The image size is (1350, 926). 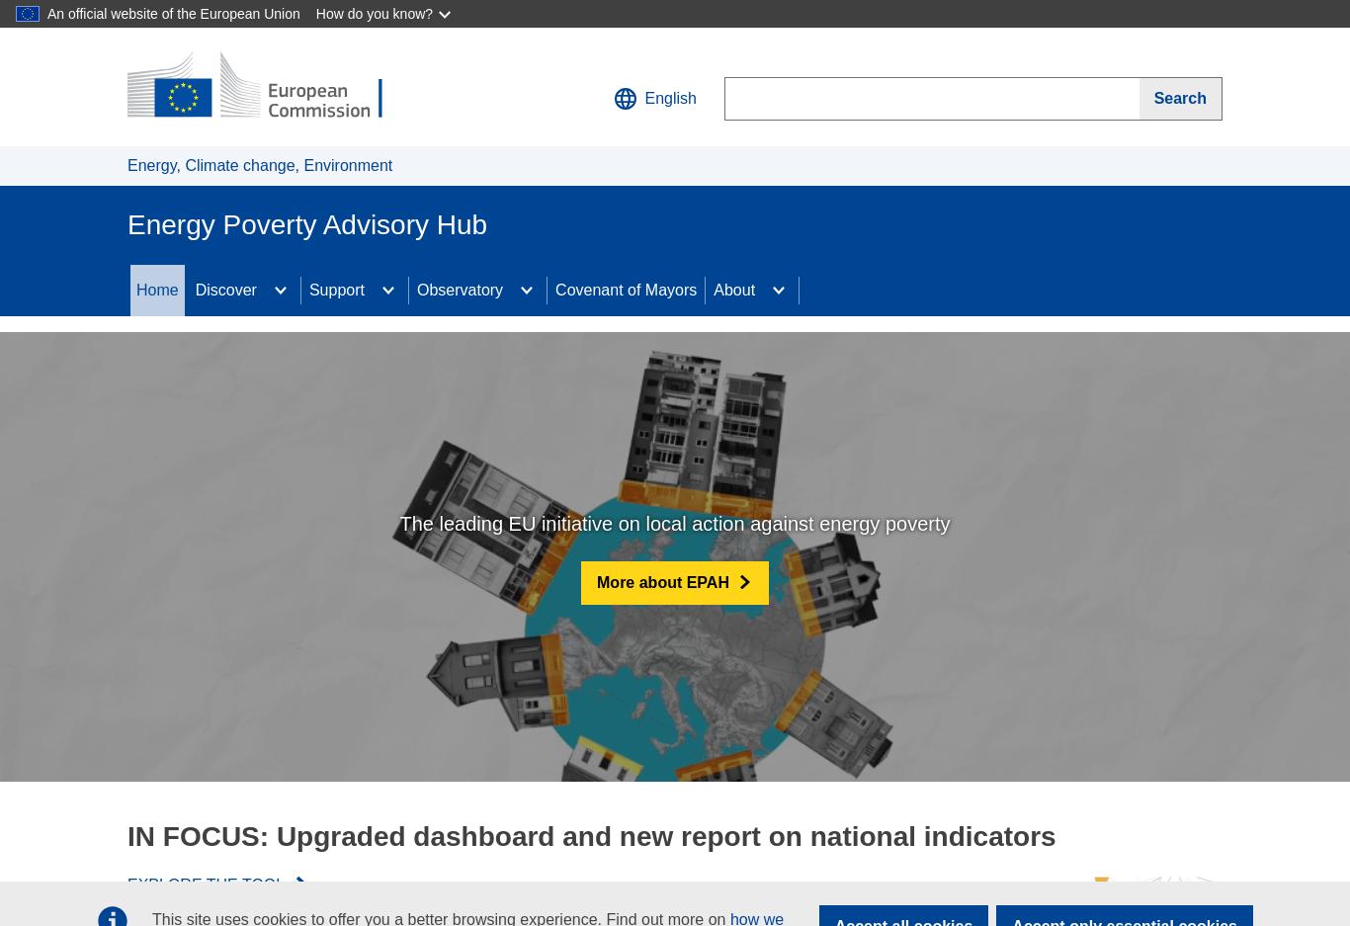 What do you see at coordinates (259, 164) in the screenshot?
I see `'Energy, Climate change, Environment'` at bounding box center [259, 164].